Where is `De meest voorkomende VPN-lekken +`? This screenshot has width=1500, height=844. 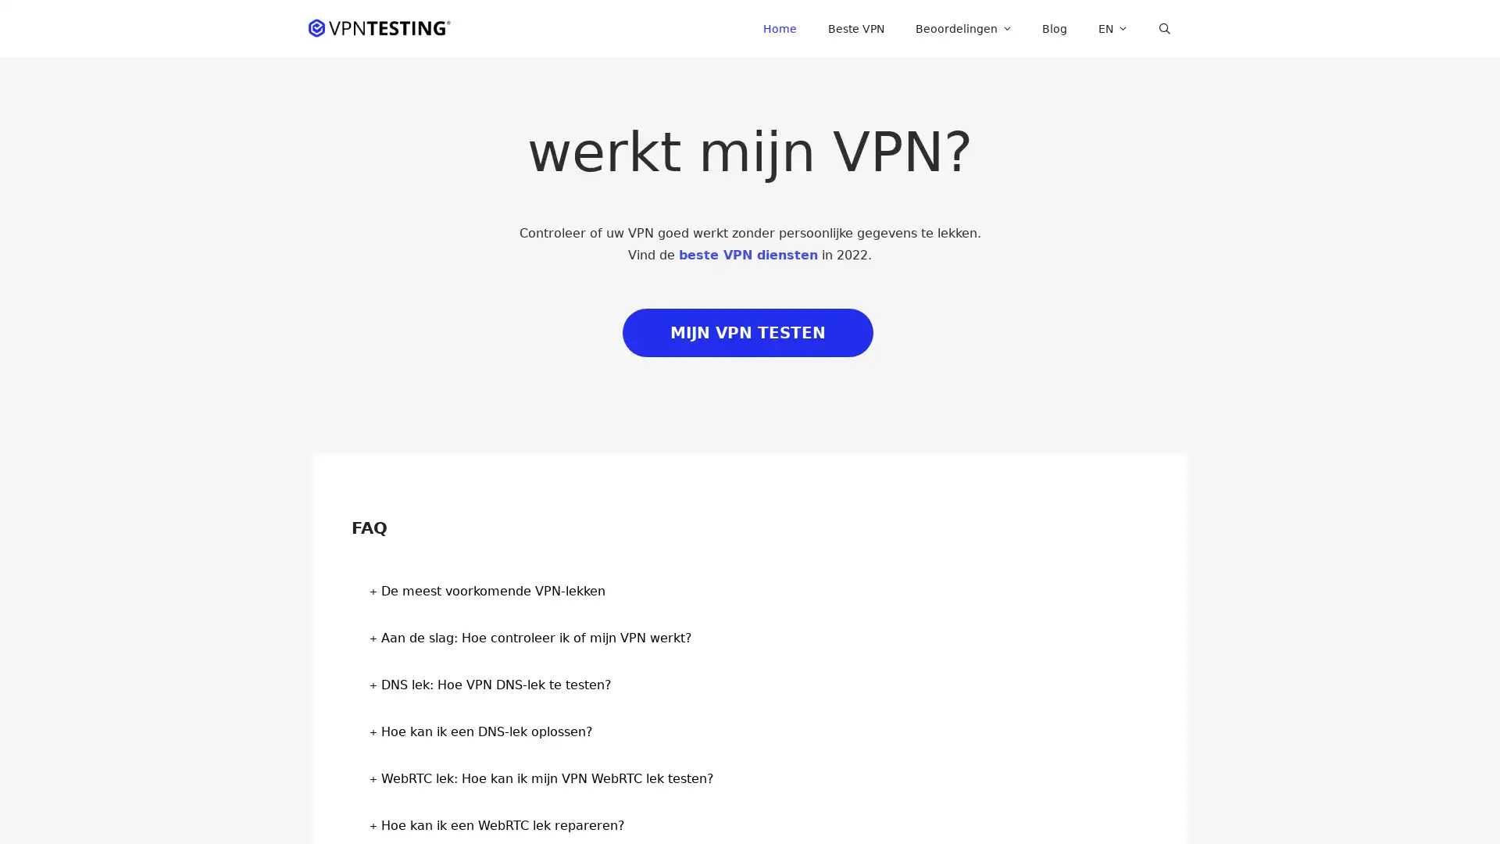 De meest voorkomende VPN-lekken + is located at coordinates (750, 591).